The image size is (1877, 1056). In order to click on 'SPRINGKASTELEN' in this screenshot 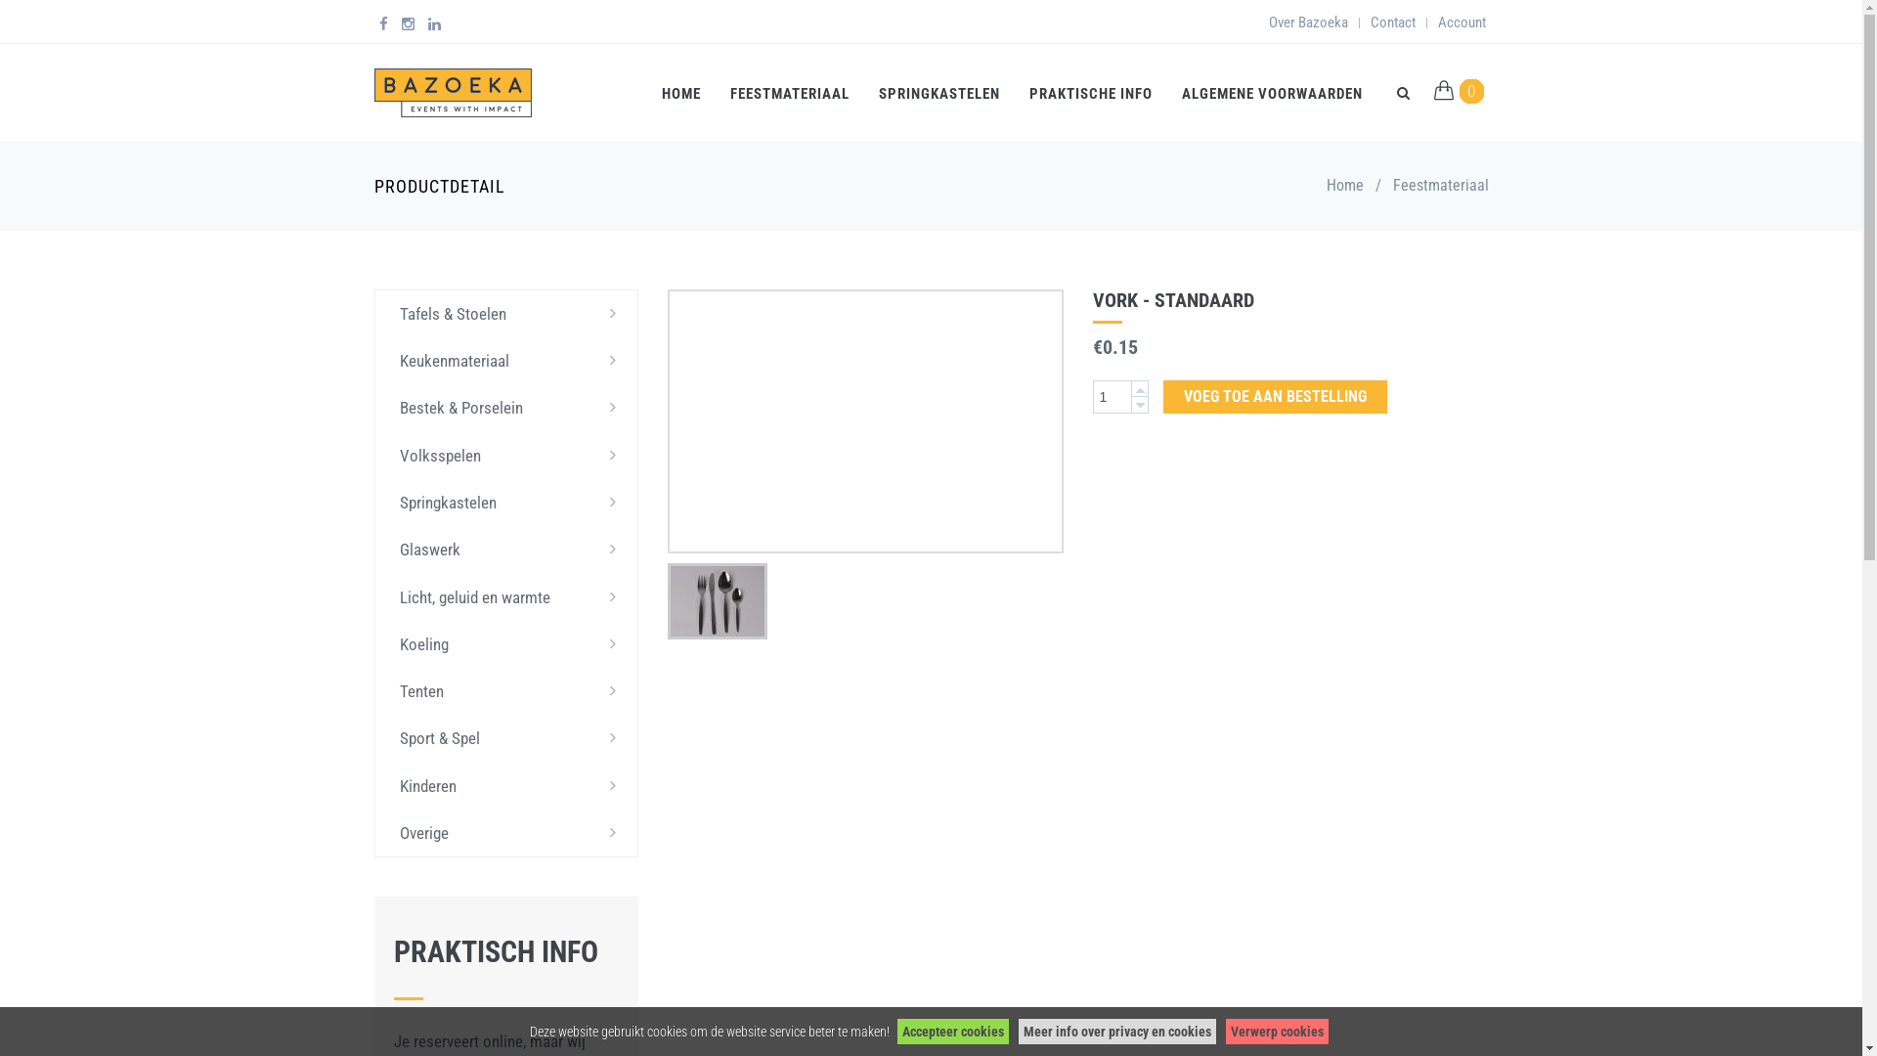, I will do `click(938, 93)`.